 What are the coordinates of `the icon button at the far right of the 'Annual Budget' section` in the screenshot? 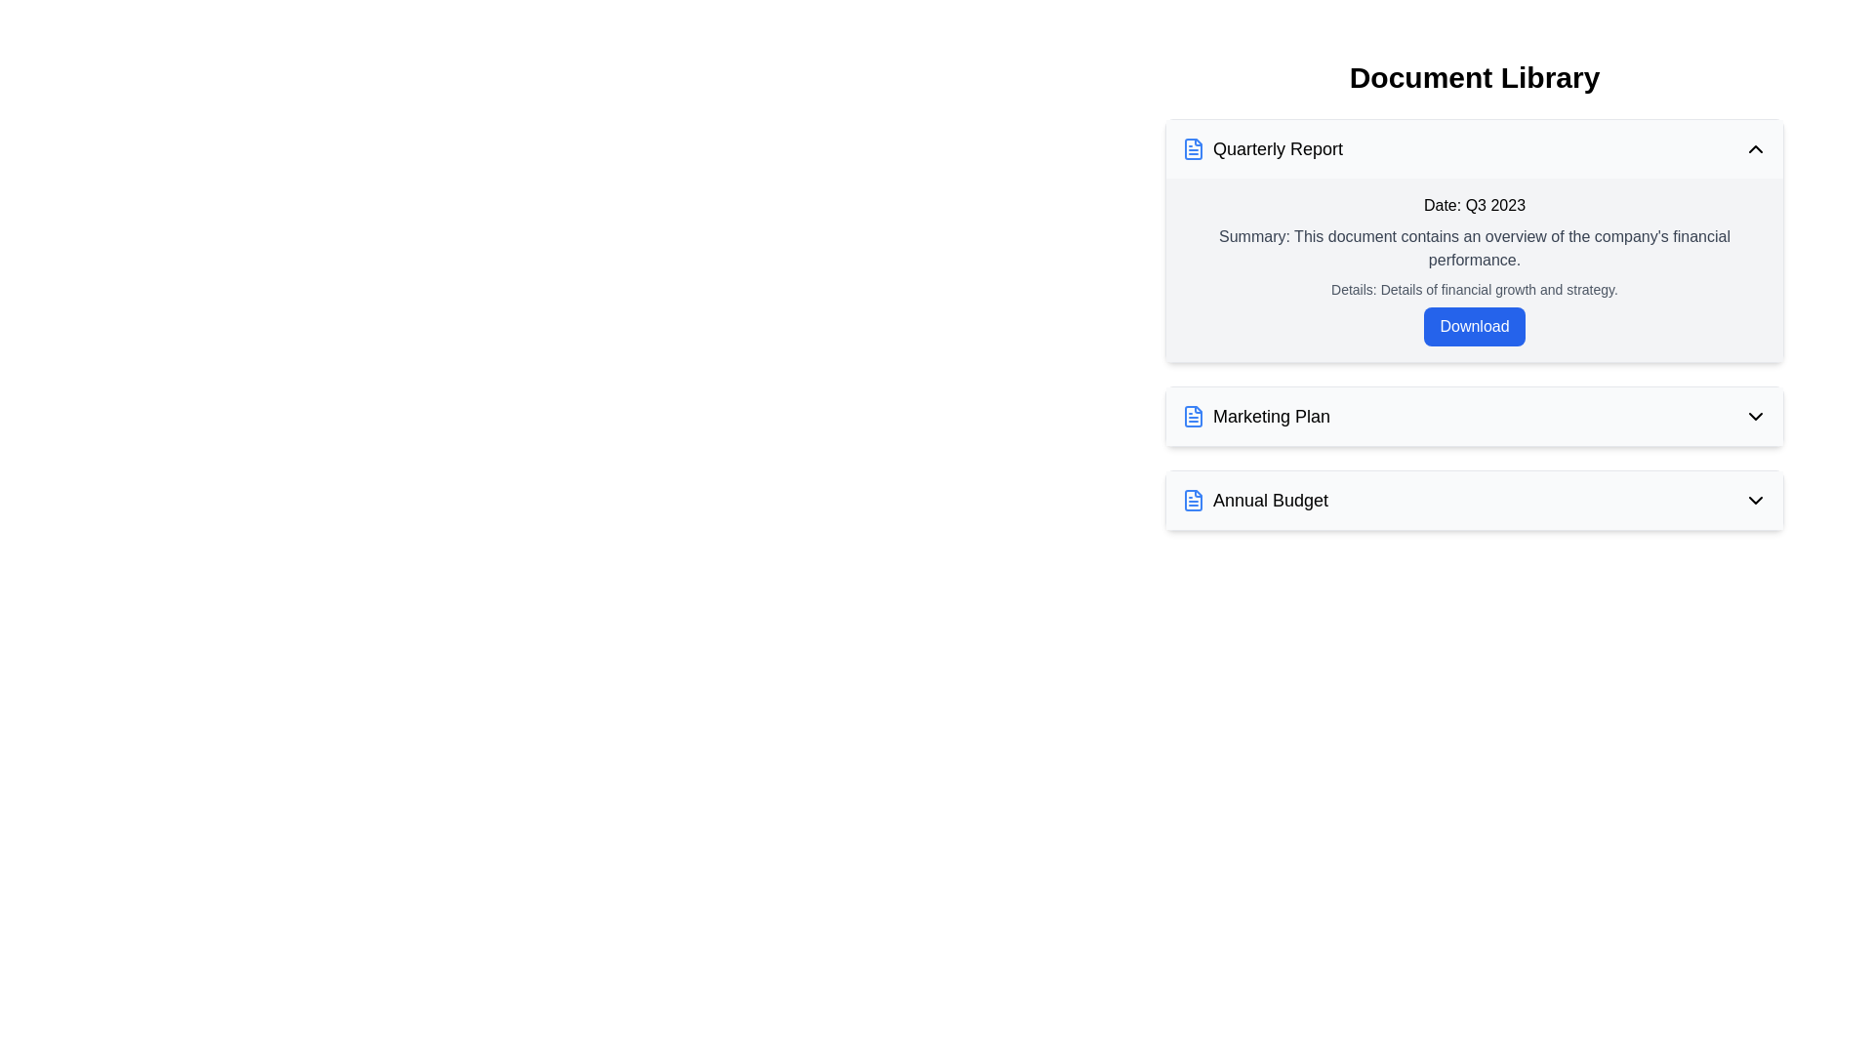 It's located at (1756, 500).